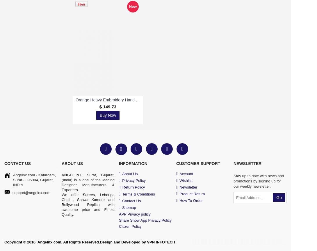 The height and width of the screenshot is (251, 317). What do you see at coordinates (88, 195) in the screenshot?
I see `'Sarees'` at bounding box center [88, 195].